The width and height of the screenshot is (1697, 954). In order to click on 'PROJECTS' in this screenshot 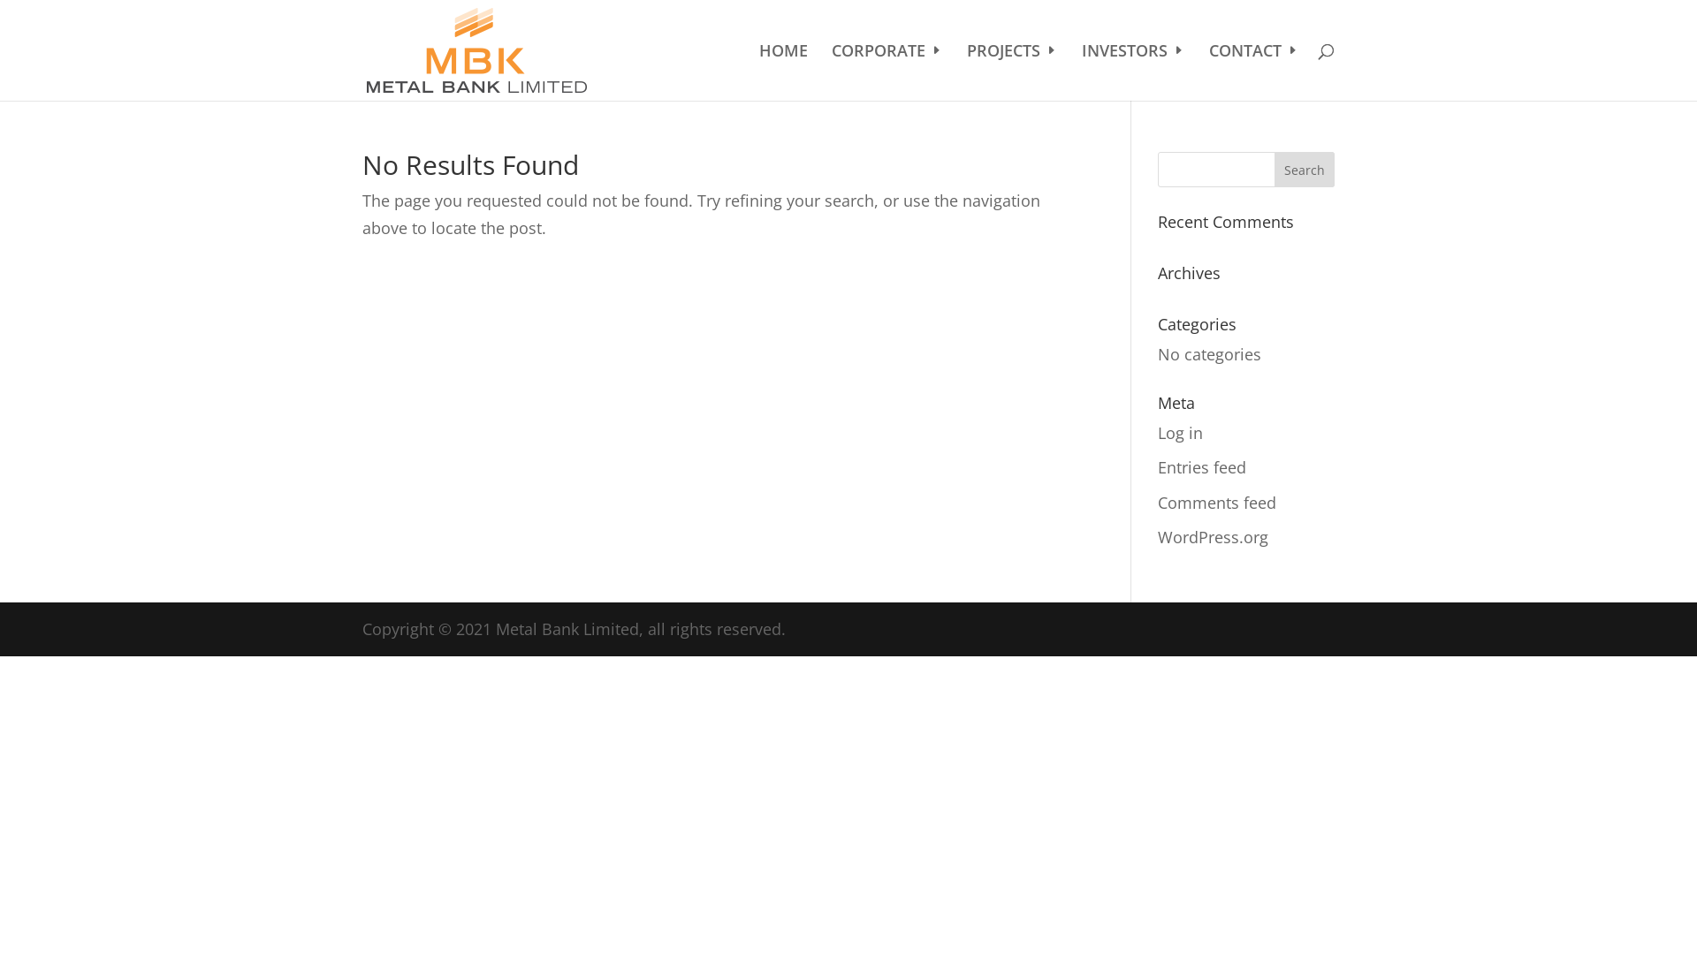, I will do `click(1012, 71)`.